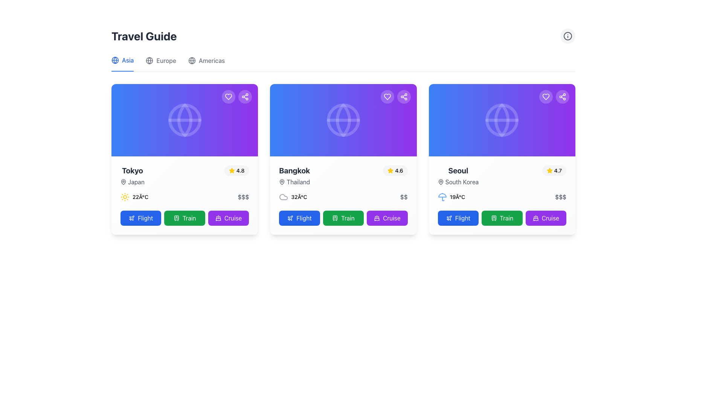 The width and height of the screenshot is (723, 407). I want to click on the yellow star icon that is part of the rating system next to the rating value '4.7' on the trip planning interface for 'Seoul', so click(549, 170).